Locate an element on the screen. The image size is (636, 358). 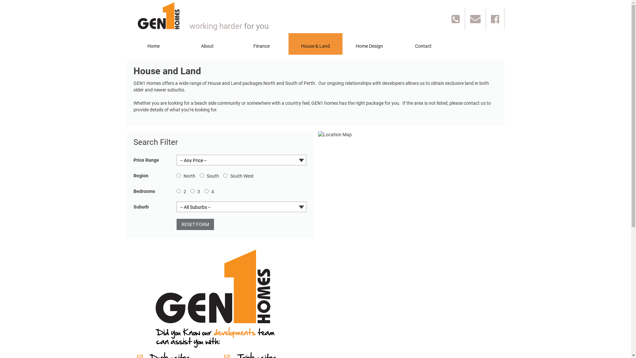
'RESET FORM' is located at coordinates (195, 224).